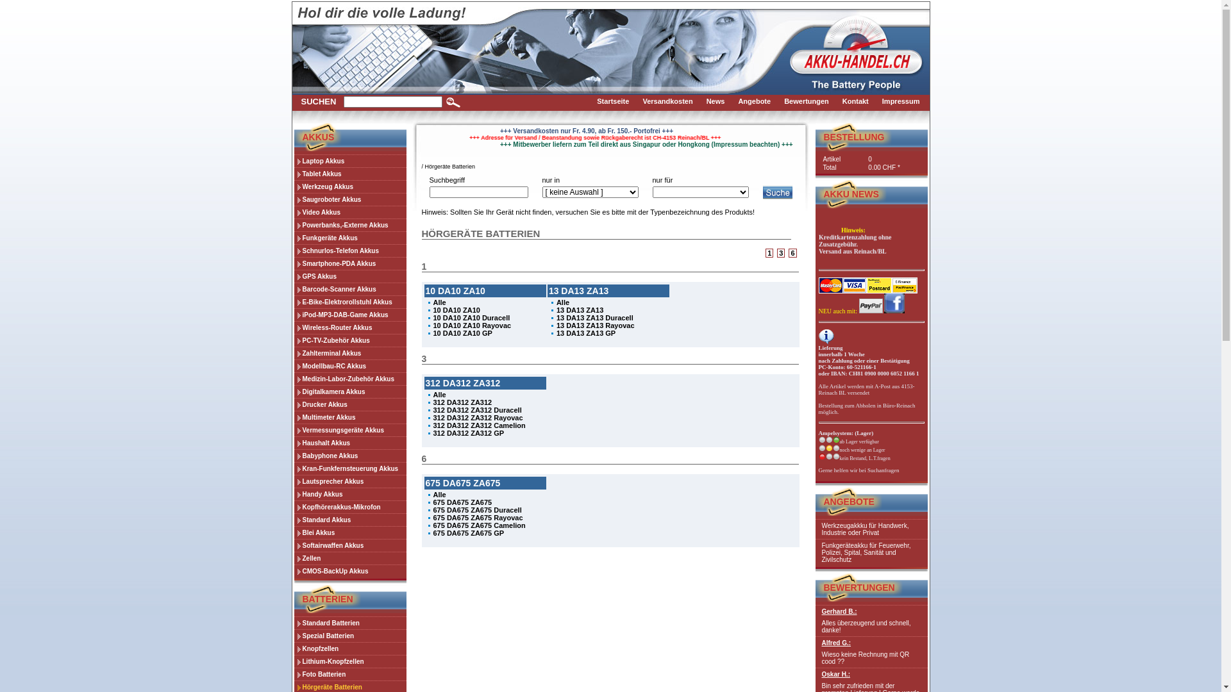 The image size is (1231, 692). I want to click on 'Barcode-Scanner Akkus', so click(349, 289).